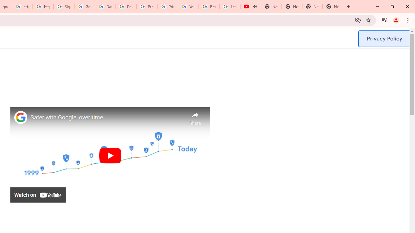 This screenshot has height=233, width=415. What do you see at coordinates (384, 39) in the screenshot?
I see `'Privacy Policy'` at bounding box center [384, 39].